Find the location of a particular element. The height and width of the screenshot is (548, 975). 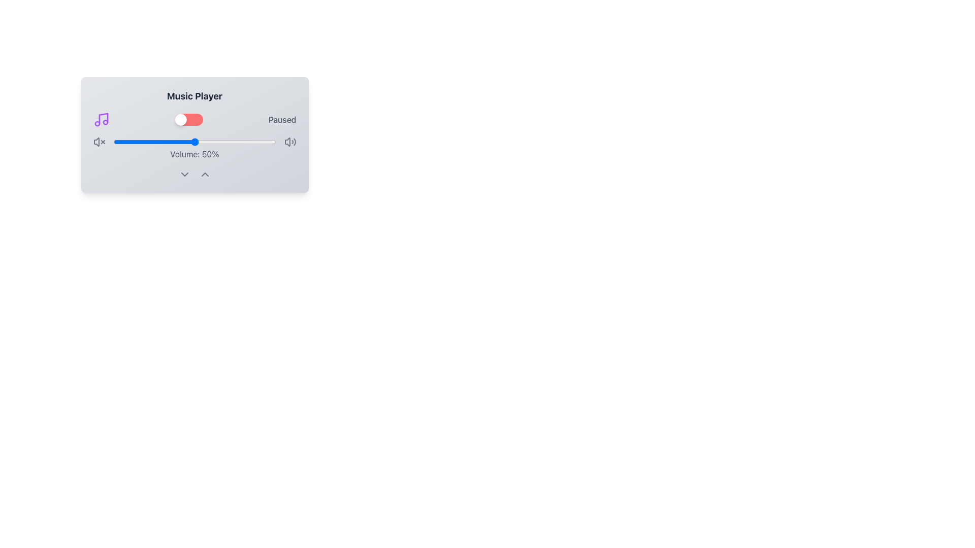

volume is located at coordinates (140, 142).